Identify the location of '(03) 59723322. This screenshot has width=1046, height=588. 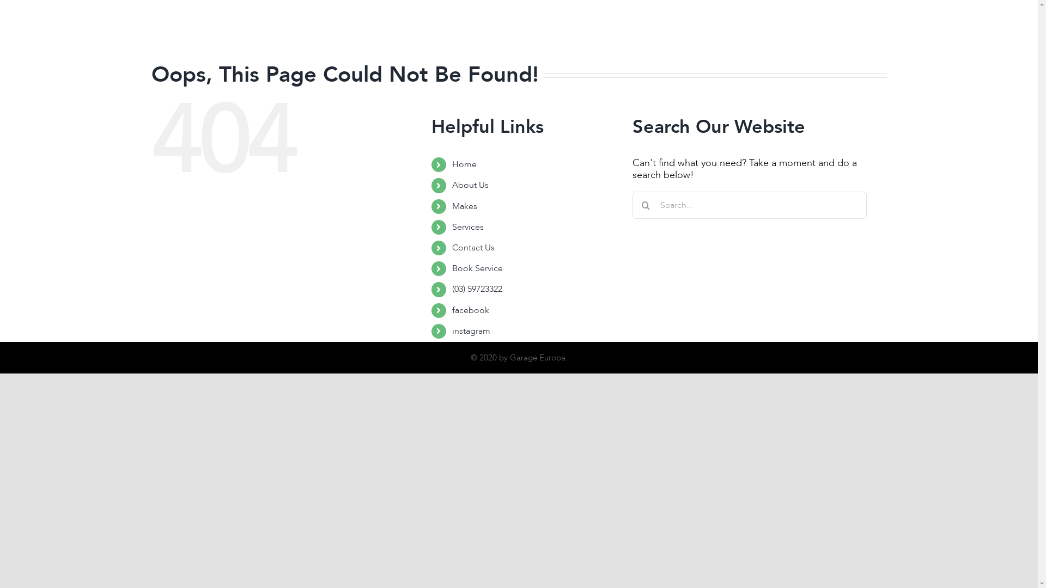
(727, 27).